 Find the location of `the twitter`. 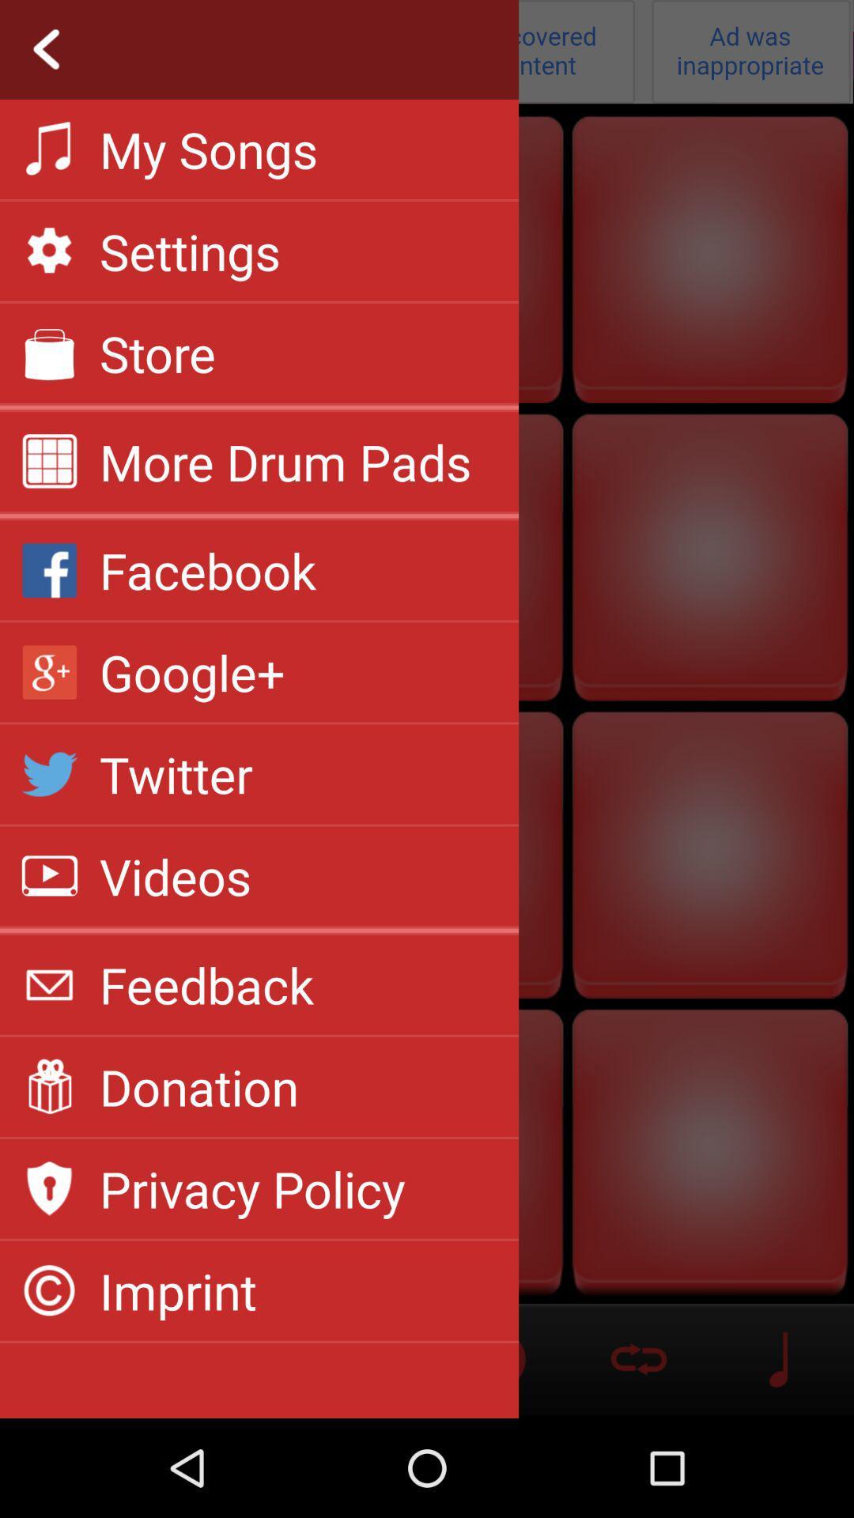

the twitter is located at coordinates (176, 774).